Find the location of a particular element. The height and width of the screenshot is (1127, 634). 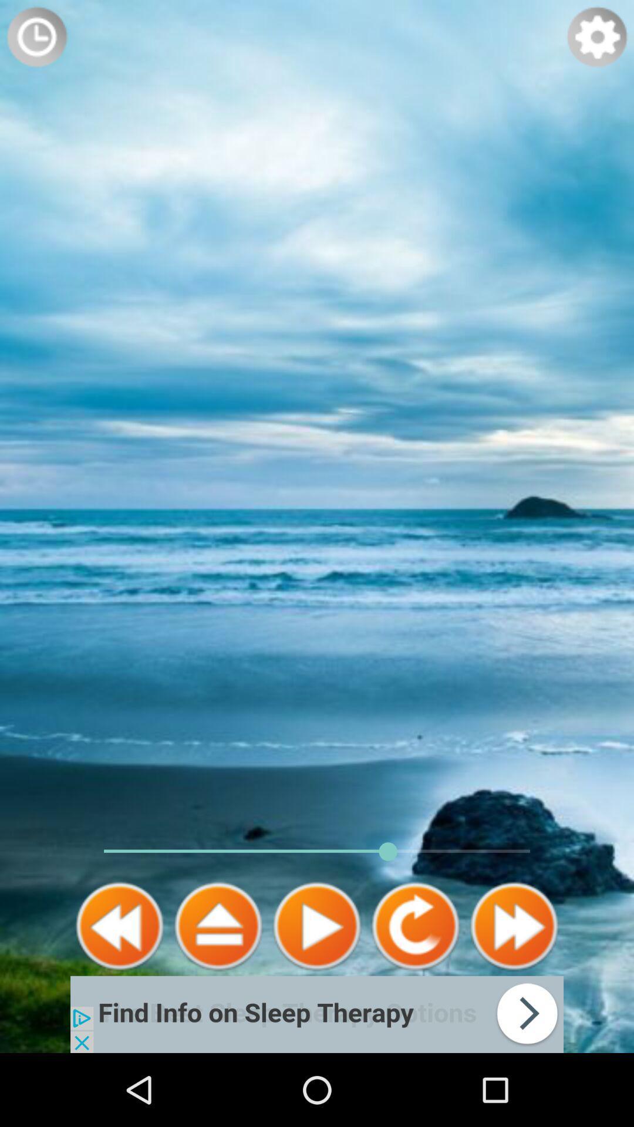

reload is located at coordinates (415, 926).